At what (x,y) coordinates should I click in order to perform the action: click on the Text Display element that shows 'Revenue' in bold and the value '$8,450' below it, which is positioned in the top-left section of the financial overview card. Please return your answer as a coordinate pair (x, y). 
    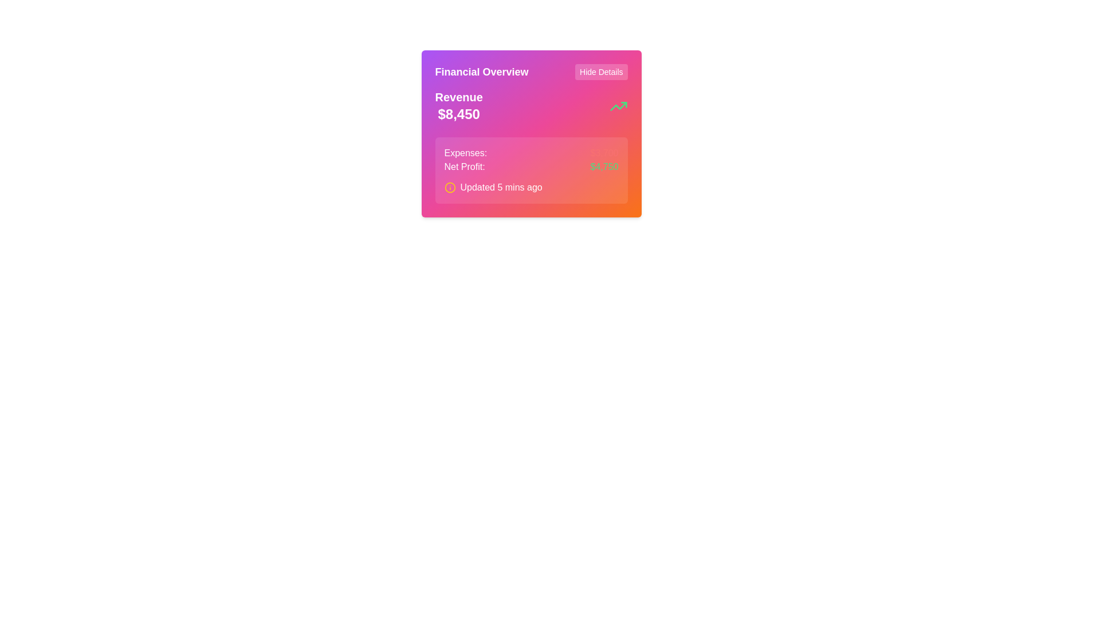
    Looking at the image, I should click on (459, 106).